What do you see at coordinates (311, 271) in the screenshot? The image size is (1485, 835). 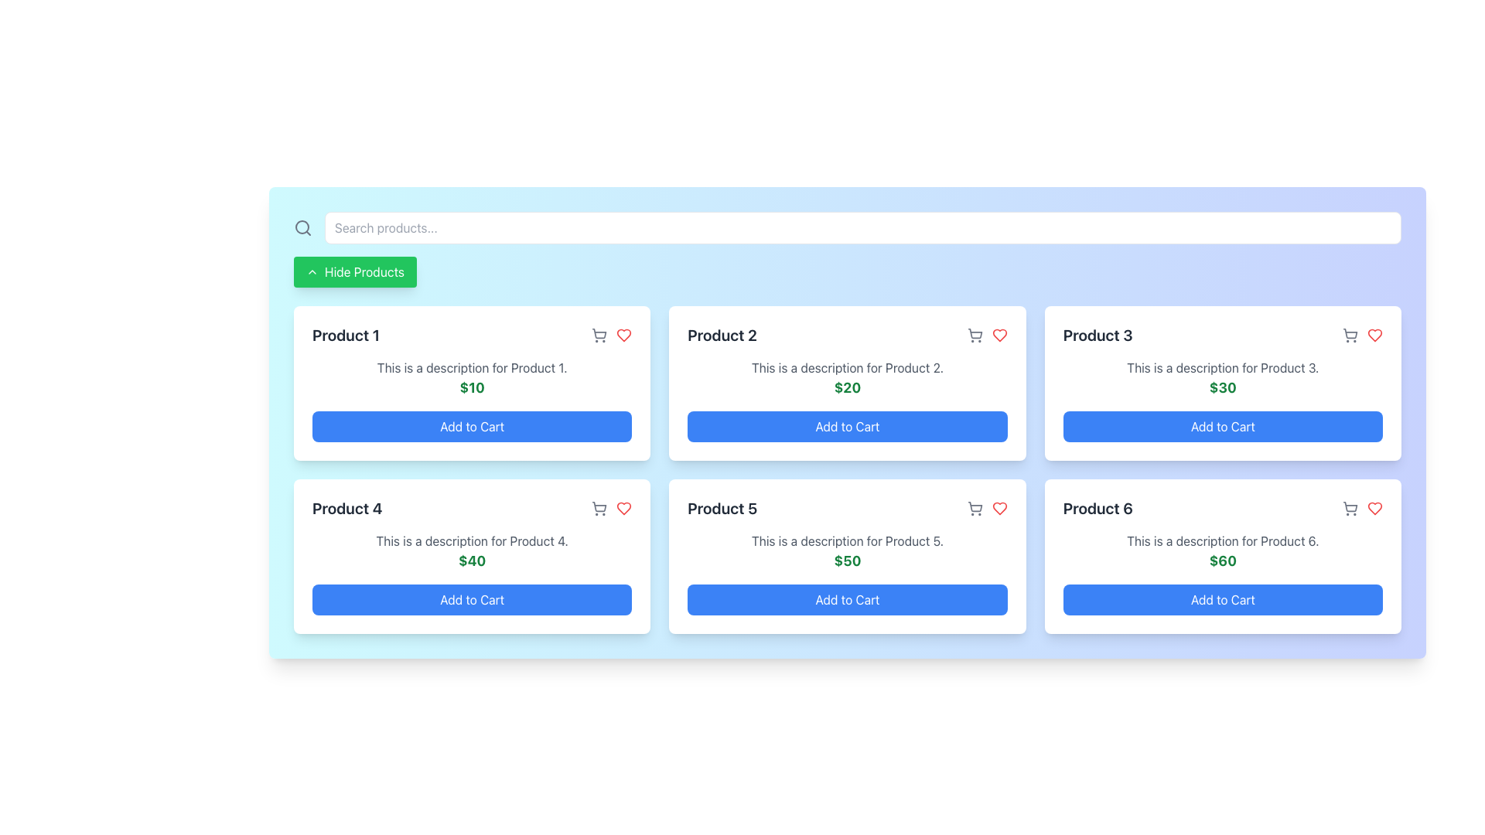 I see `the 'Hide Products' button that contains the icon representing the action of hiding products, located in the top-left corner of the interface` at bounding box center [311, 271].